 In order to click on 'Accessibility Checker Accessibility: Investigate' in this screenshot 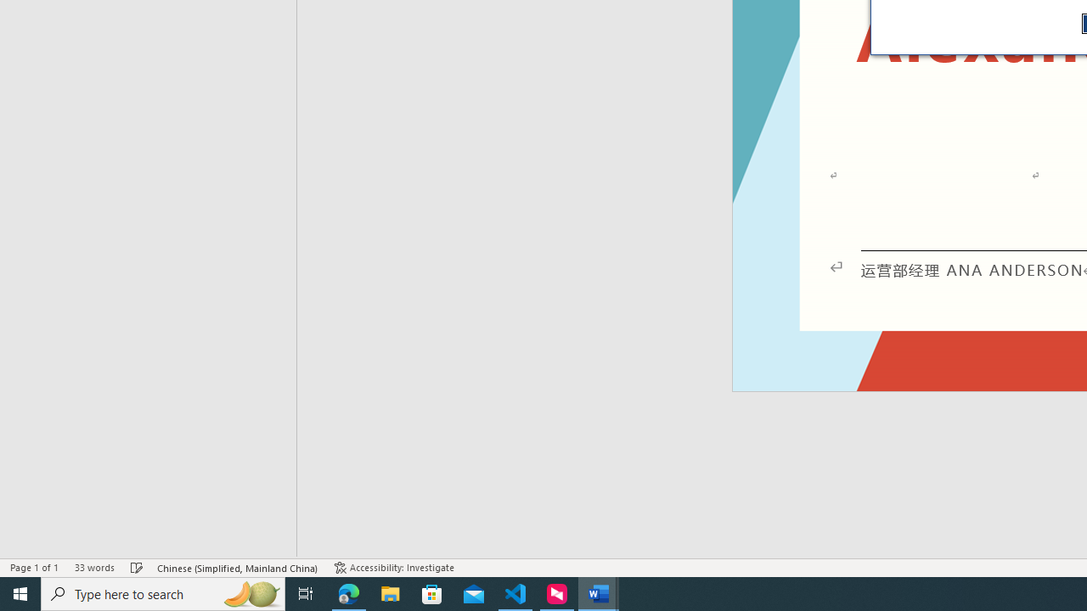, I will do `click(393, 568)`.